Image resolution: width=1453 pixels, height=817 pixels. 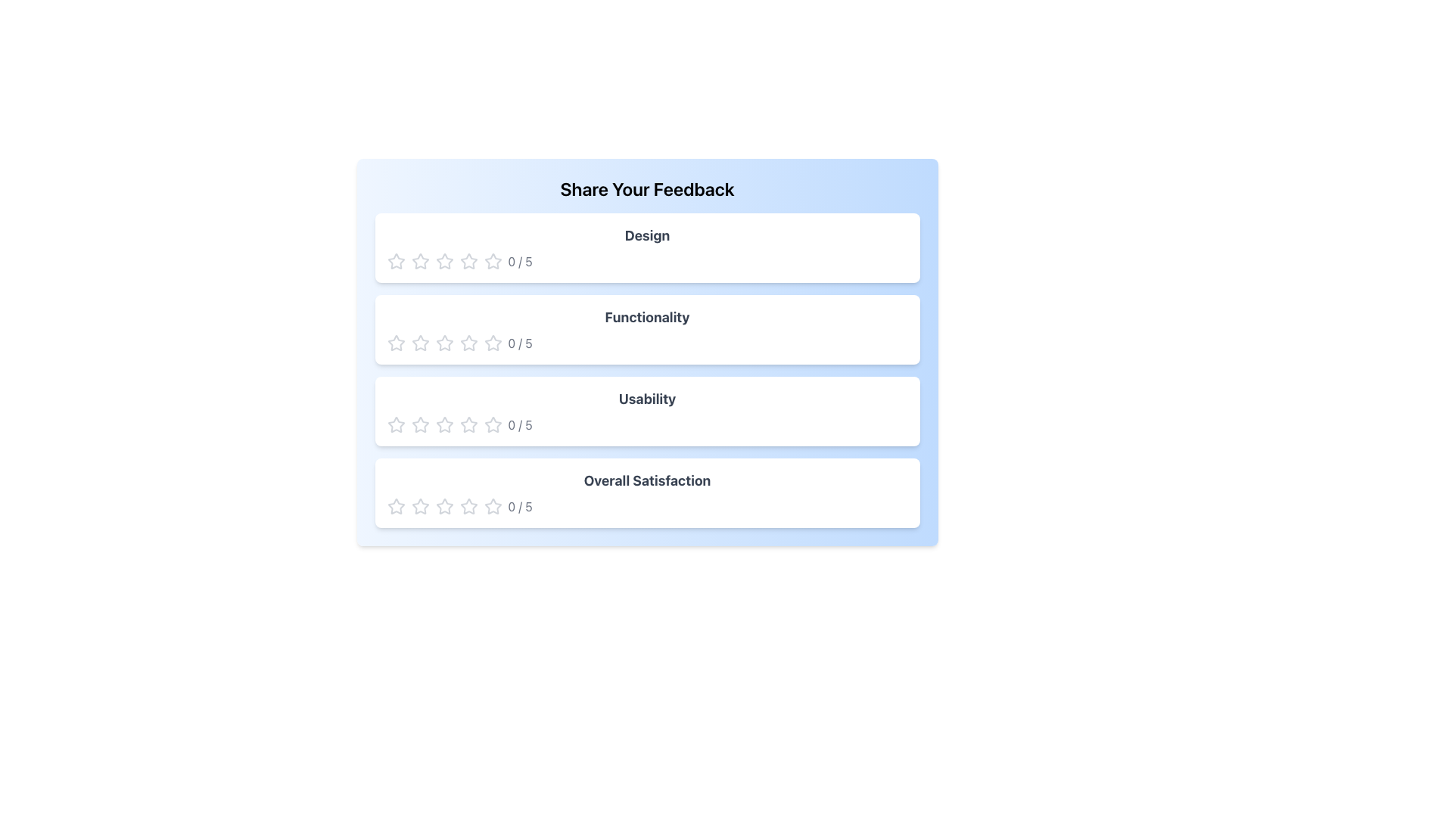 I want to click on text content of the Text Display element showing the rating information '0 / 5', which is styled with a gray font and positioned next to the rating icons for the 'Overall Satisfaction' category, so click(x=520, y=507).